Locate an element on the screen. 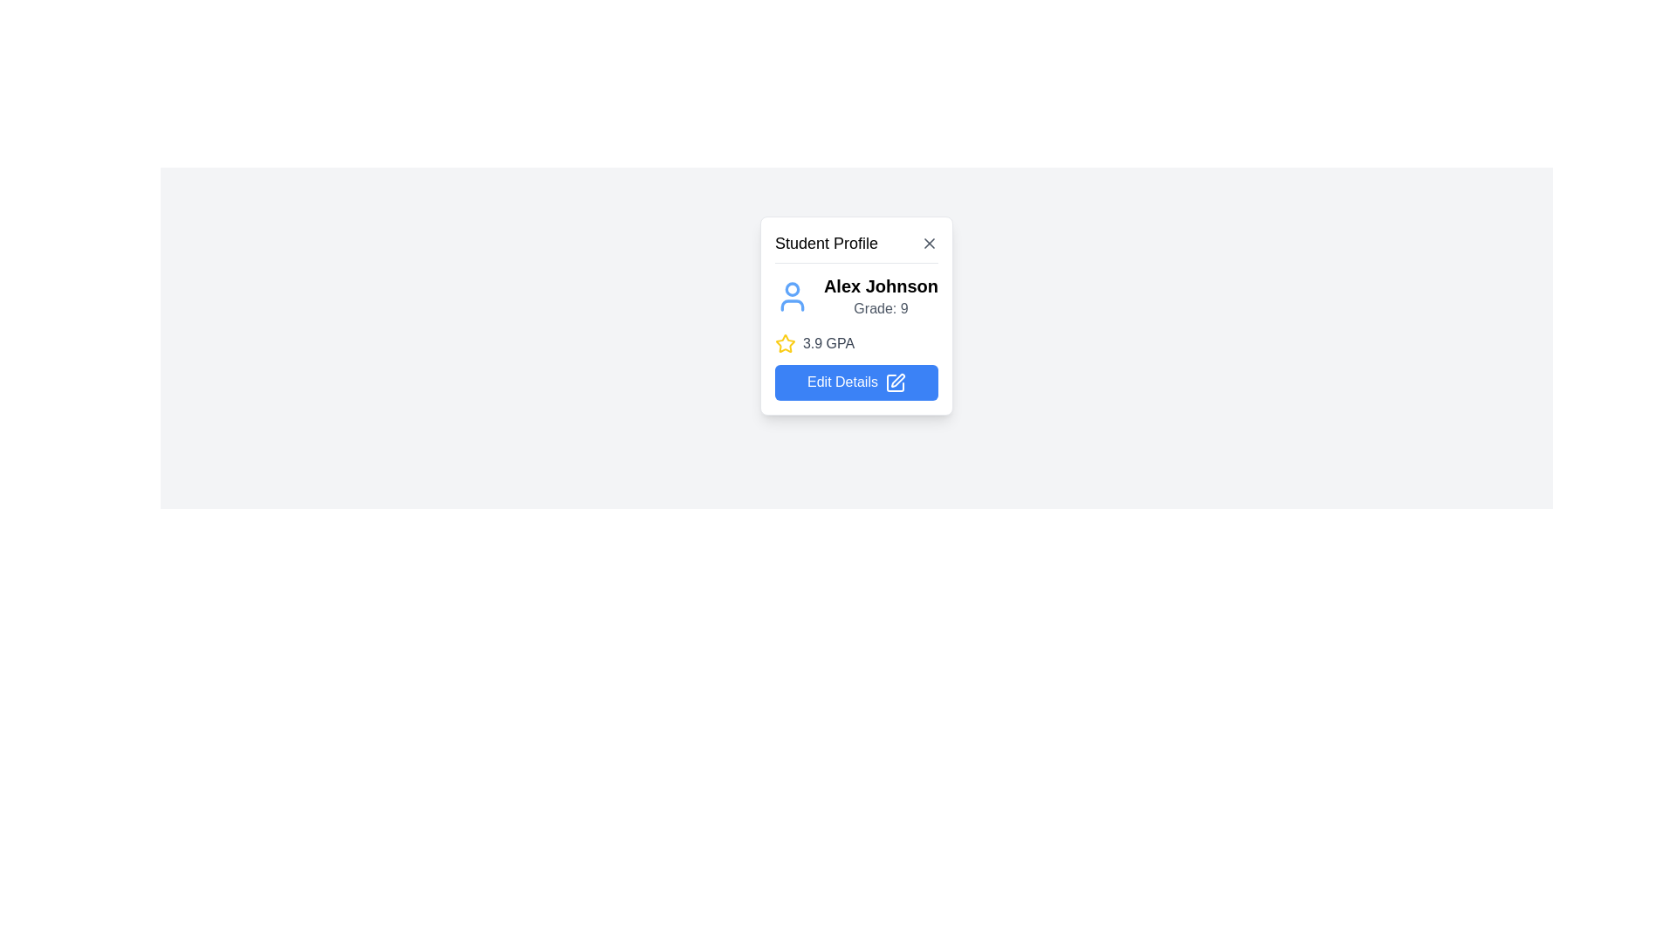  the Close or Dismiss icon located in the top-right corner of the 'Student Profile' card is located at coordinates (929, 243).